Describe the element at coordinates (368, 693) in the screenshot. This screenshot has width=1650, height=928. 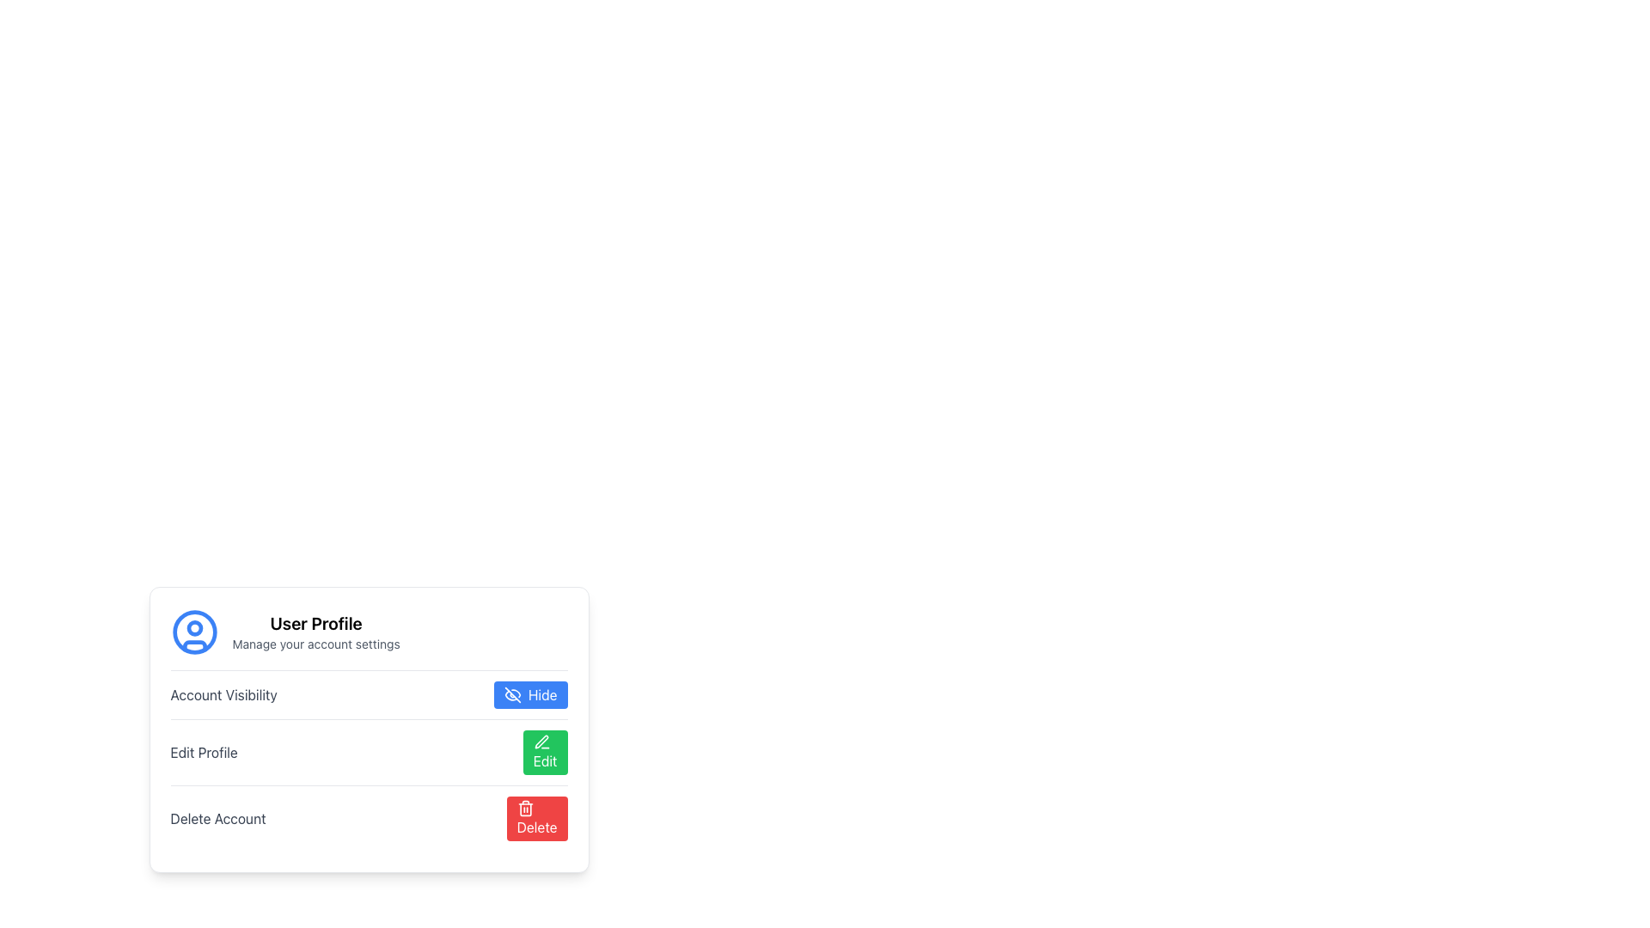
I see `the 'Hide' button in the account visibility section` at that location.